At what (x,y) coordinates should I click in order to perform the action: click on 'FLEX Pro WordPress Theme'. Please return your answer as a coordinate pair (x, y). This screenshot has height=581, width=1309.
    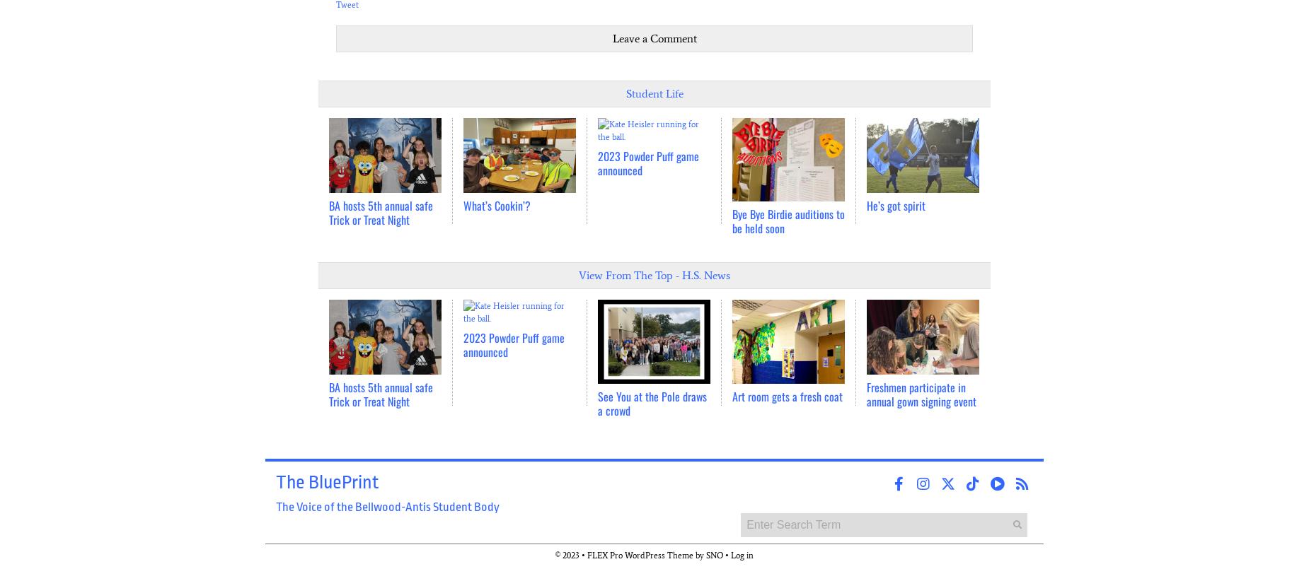
    Looking at the image, I should click on (640, 555).